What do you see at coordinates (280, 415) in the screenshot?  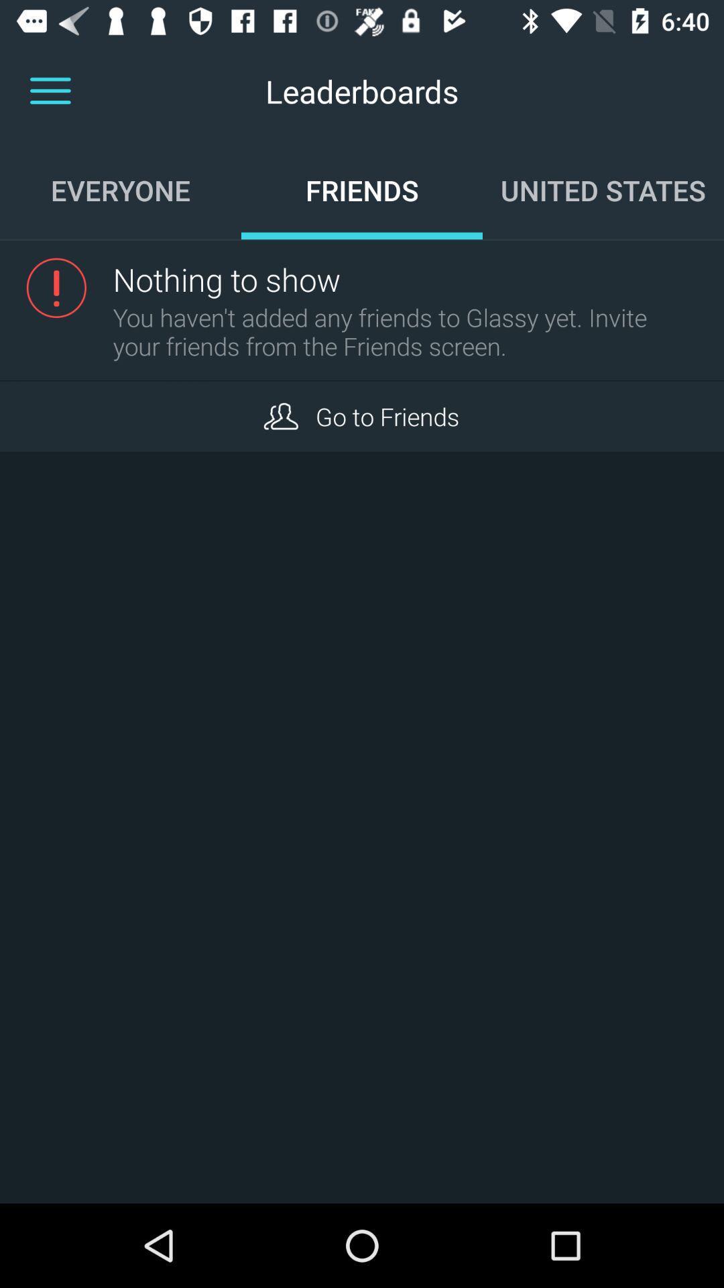 I see `friends` at bounding box center [280, 415].